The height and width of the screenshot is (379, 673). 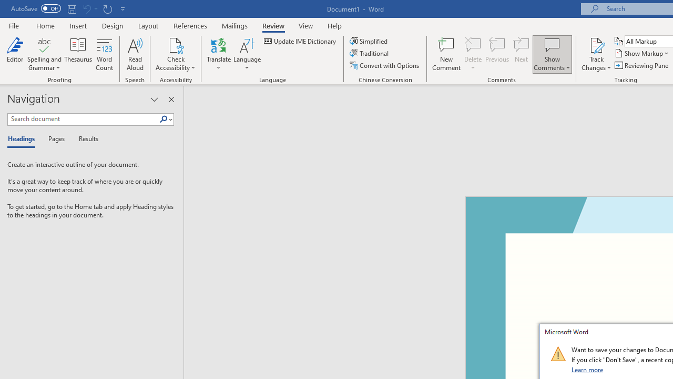 I want to click on 'Repeat Shrink Font', so click(x=107, y=8).